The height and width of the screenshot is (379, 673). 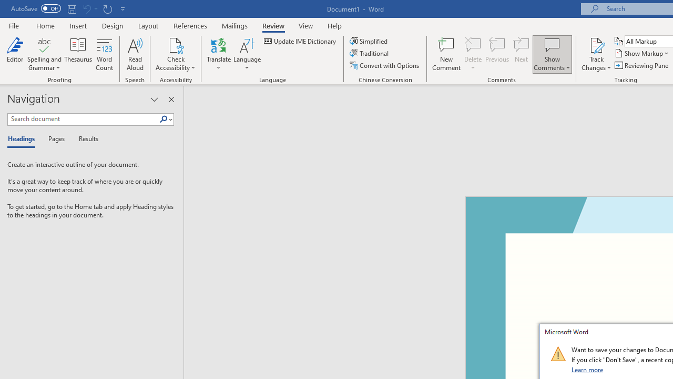 I want to click on 'Repeat Shrink Font', so click(x=107, y=8).